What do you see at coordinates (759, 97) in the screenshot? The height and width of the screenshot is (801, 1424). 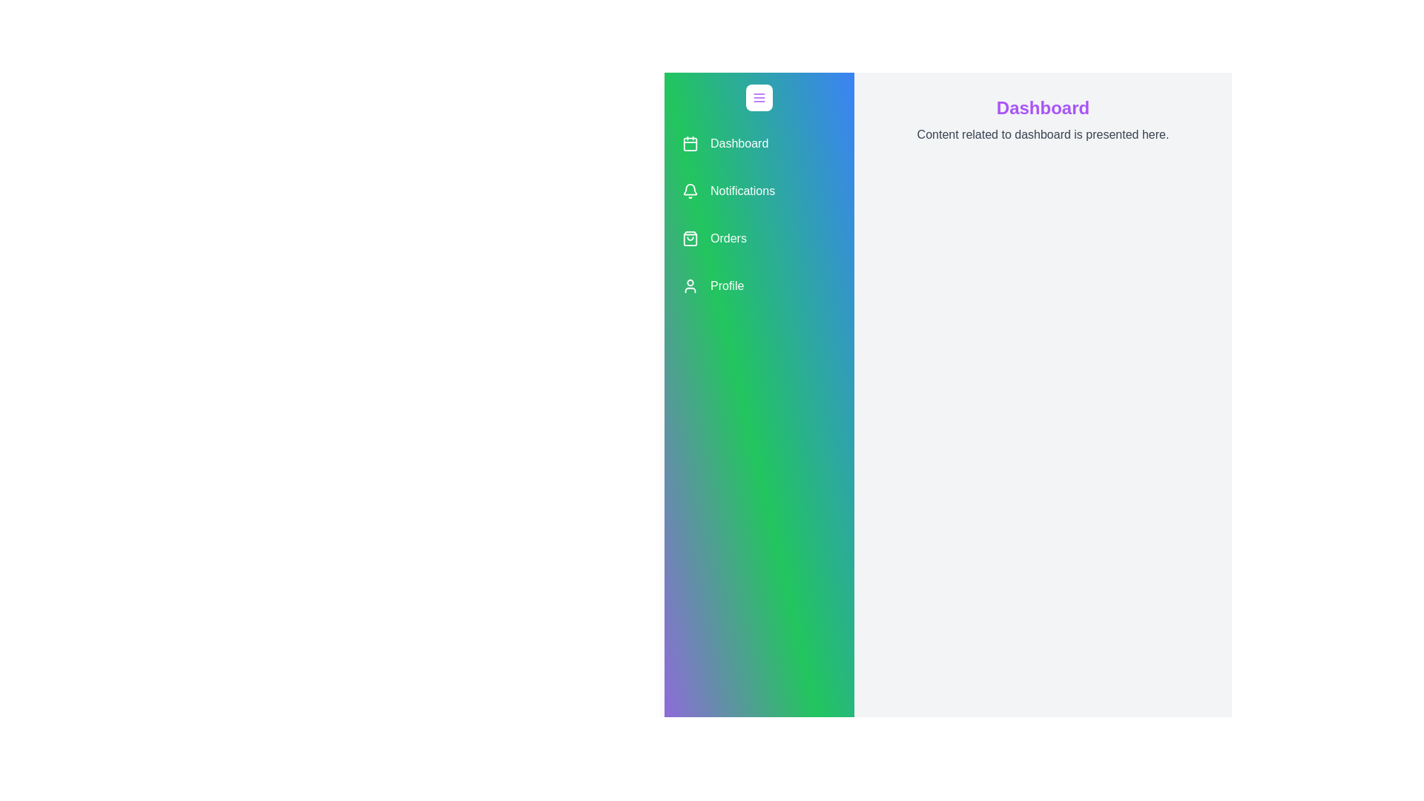 I see `the menu button to toggle the sidebar open/close state` at bounding box center [759, 97].